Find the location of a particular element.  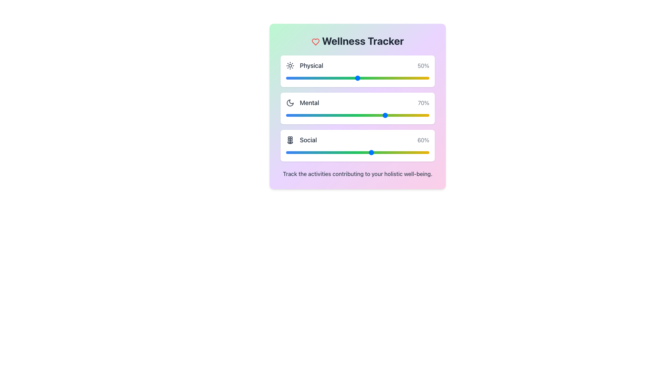

the social well-being percentage is located at coordinates (322, 152).